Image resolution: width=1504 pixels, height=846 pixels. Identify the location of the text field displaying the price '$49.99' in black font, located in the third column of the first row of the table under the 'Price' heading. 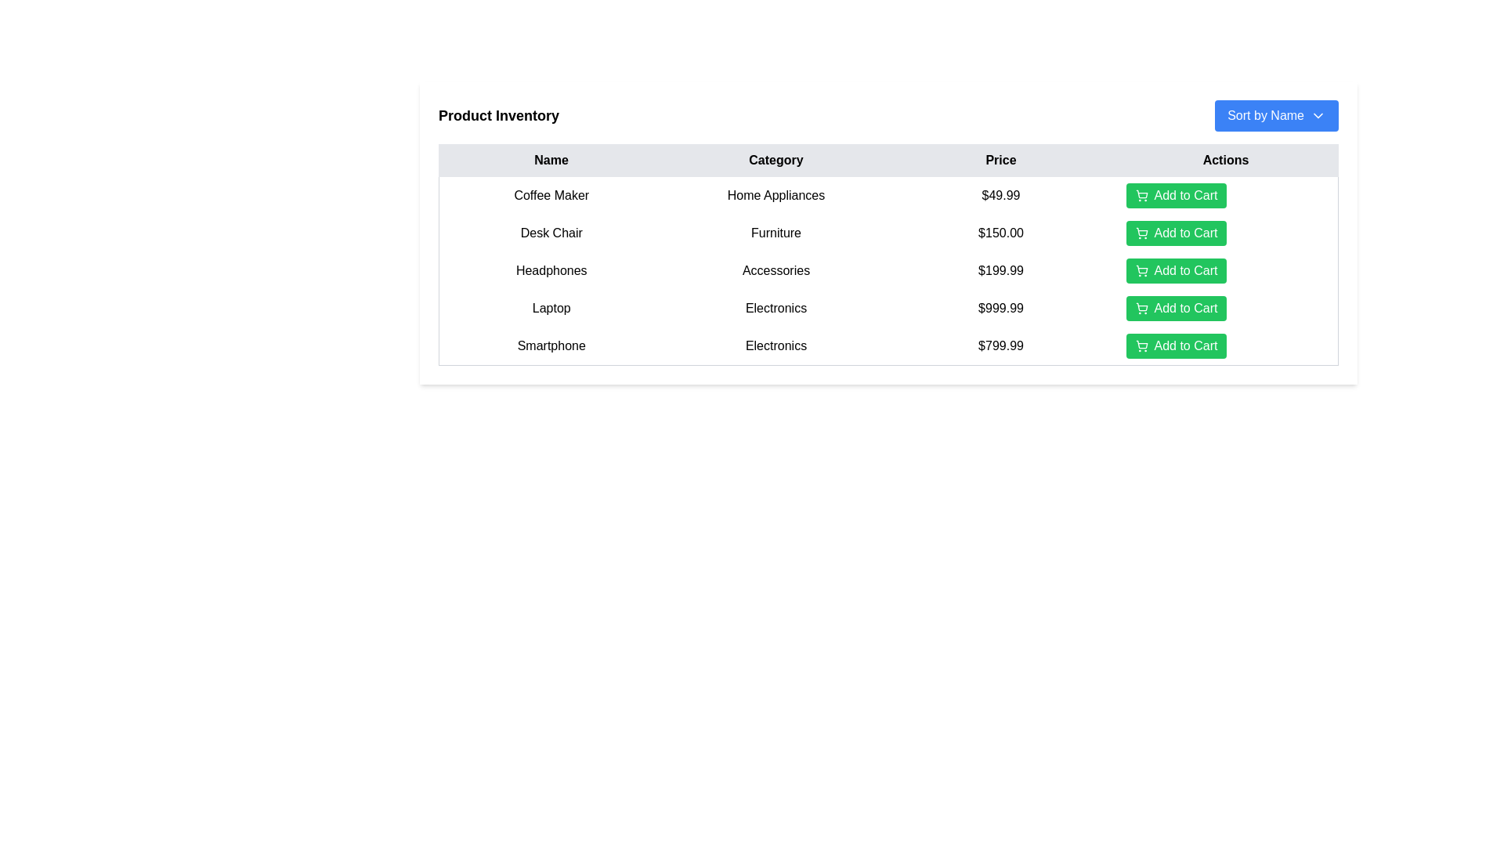
(1000, 194).